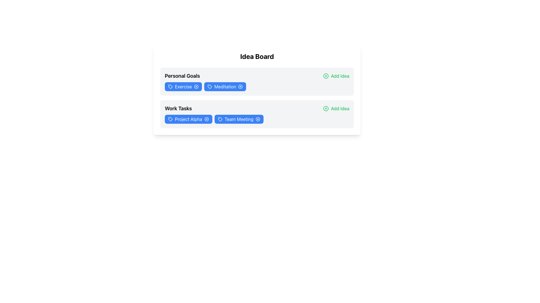 The height and width of the screenshot is (303, 540). What do you see at coordinates (326, 108) in the screenshot?
I see `the interactive button icon located near the upper-right part of the second section, adjacent to the 'Add Idea' text label in the 'Work Tasks' card to interact` at bounding box center [326, 108].